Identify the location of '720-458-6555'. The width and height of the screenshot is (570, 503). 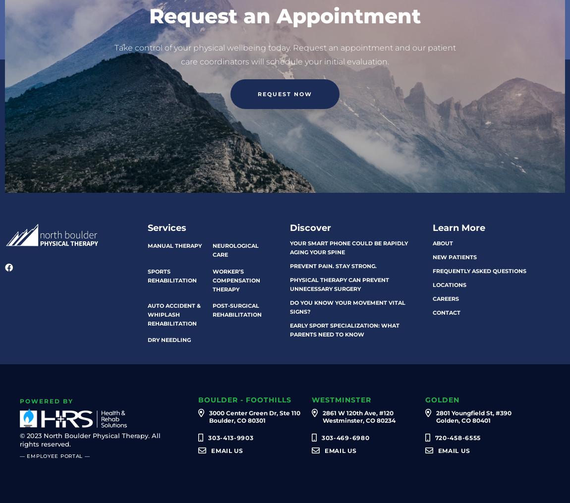
(457, 437).